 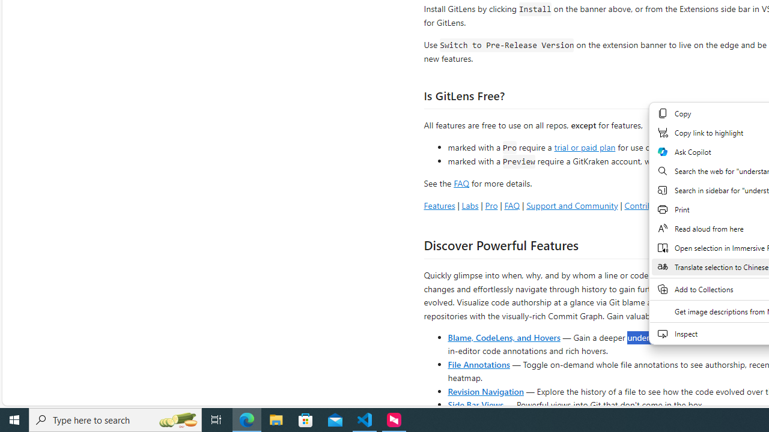 What do you see at coordinates (475, 404) in the screenshot?
I see `'Side Bar Views'` at bounding box center [475, 404].